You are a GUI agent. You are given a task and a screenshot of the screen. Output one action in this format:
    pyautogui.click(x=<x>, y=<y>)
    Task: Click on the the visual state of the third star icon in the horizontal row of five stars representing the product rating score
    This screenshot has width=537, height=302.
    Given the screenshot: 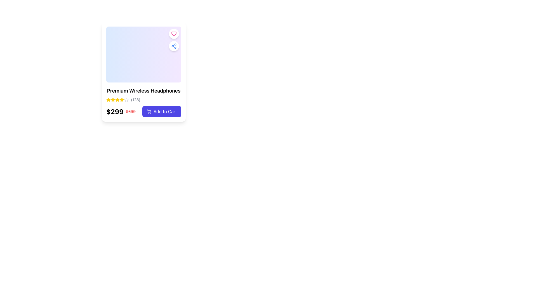 What is the action you would take?
    pyautogui.click(x=117, y=99)
    